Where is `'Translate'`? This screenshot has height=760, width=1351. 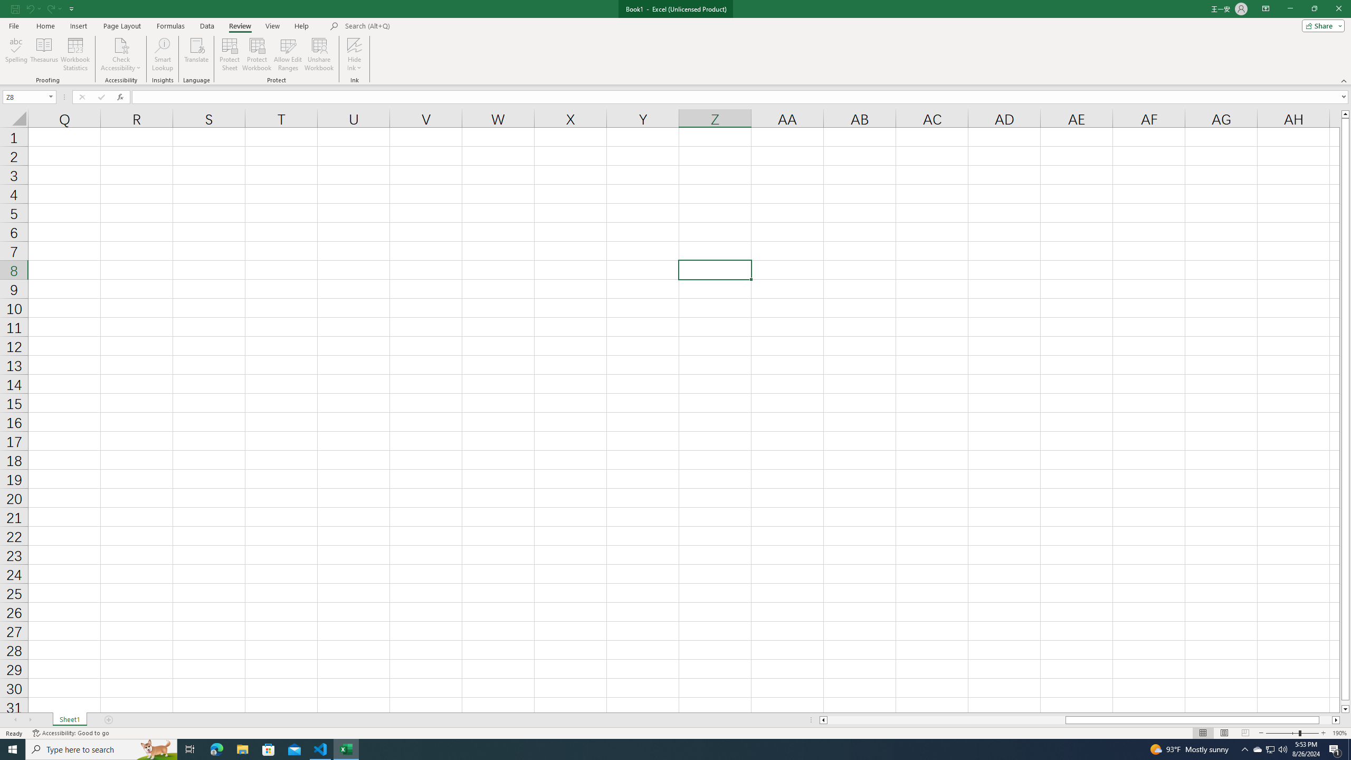
'Translate' is located at coordinates (196, 54).